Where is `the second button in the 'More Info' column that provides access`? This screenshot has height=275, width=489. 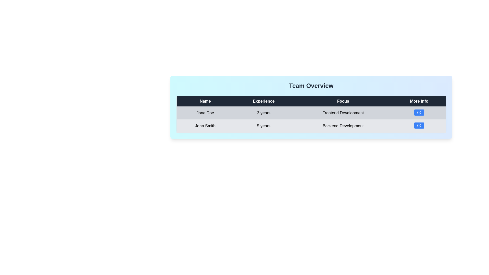 the second button in the 'More Info' column that provides access is located at coordinates (419, 126).